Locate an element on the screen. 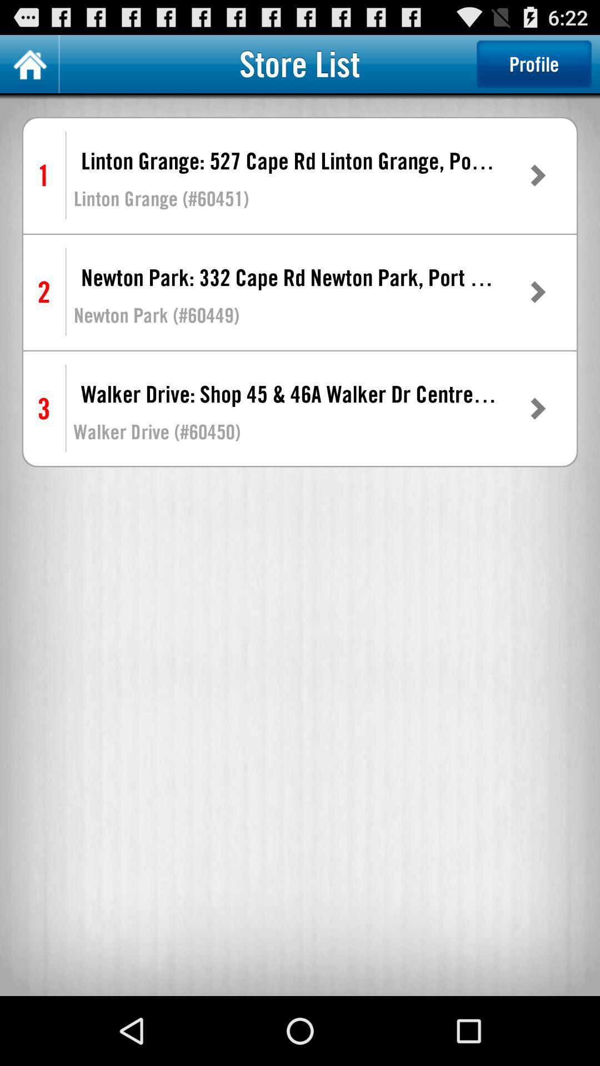 This screenshot has height=1066, width=600. the profile is located at coordinates (533, 63).